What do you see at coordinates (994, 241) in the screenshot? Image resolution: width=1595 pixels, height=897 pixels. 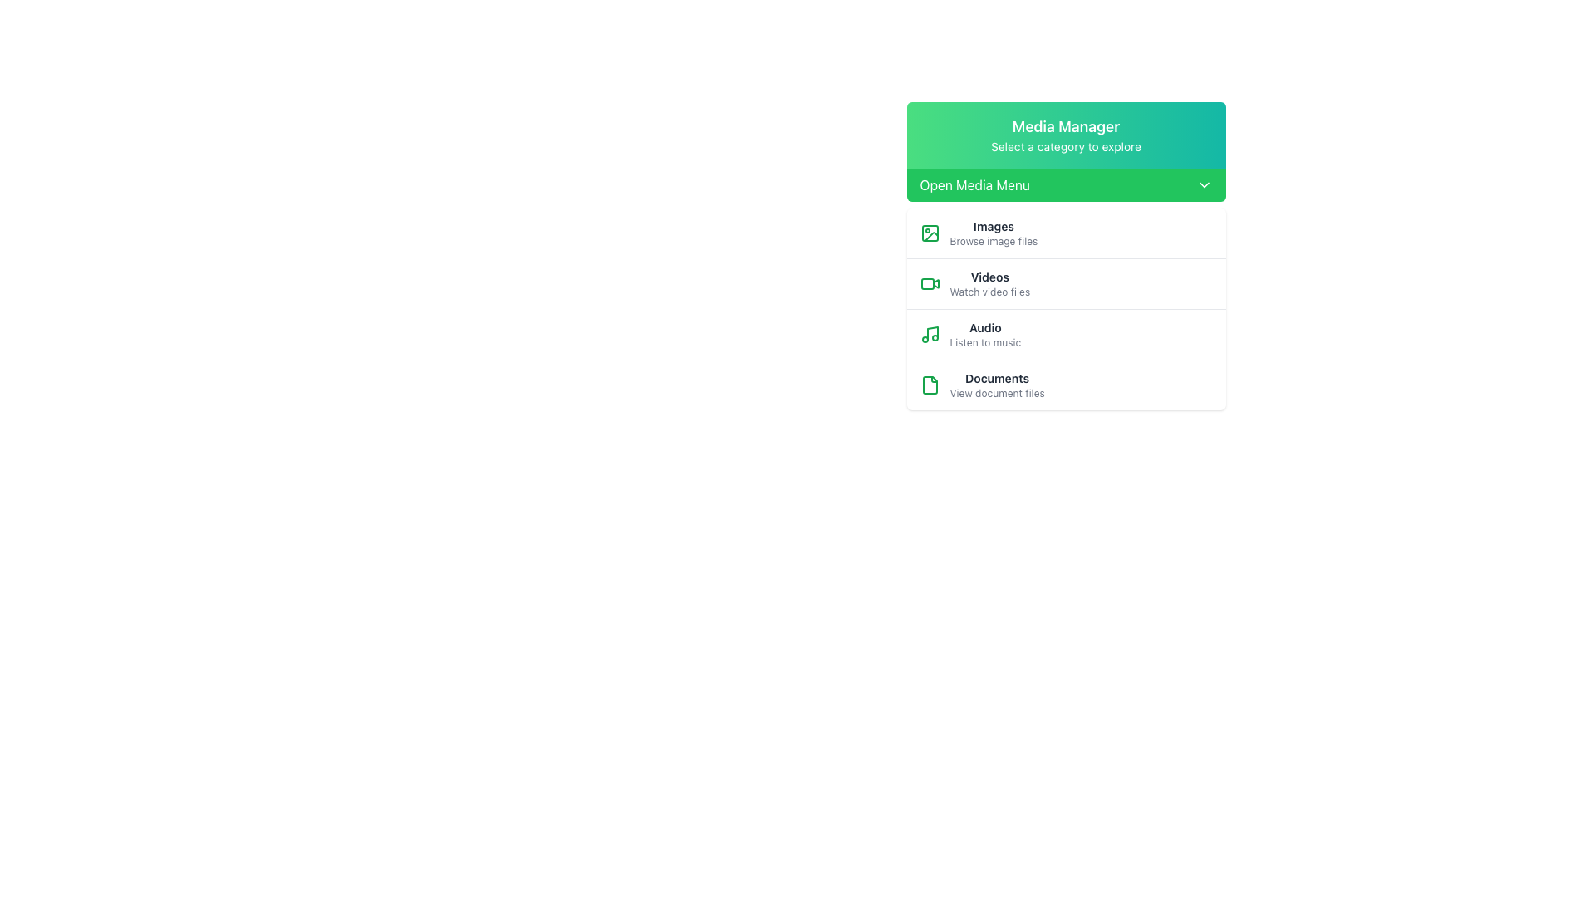 I see `the descriptive text labeled 'Browse image files' located below the 'Images' label in the Media Manager dropdown menu` at bounding box center [994, 241].